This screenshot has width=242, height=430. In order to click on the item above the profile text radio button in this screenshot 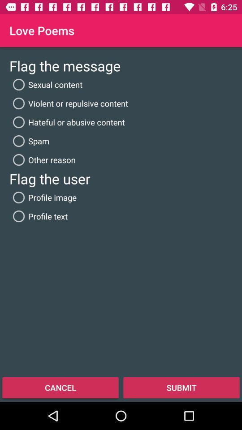, I will do `click(43, 198)`.